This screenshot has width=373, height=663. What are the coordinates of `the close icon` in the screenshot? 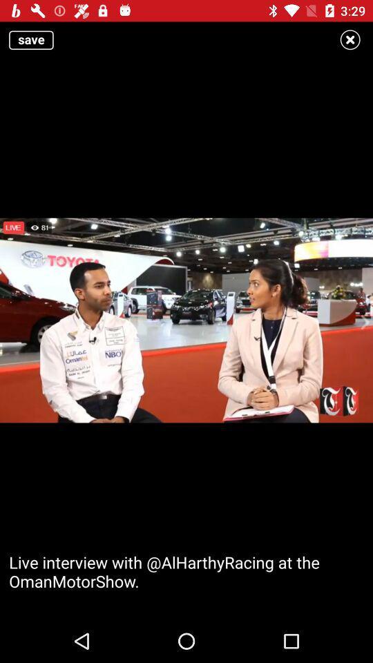 It's located at (345, 39).